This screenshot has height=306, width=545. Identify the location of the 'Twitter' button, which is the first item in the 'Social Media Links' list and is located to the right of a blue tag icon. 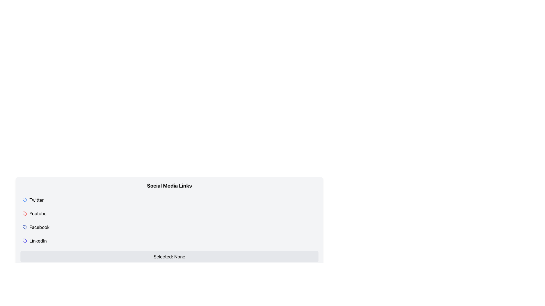
(36, 199).